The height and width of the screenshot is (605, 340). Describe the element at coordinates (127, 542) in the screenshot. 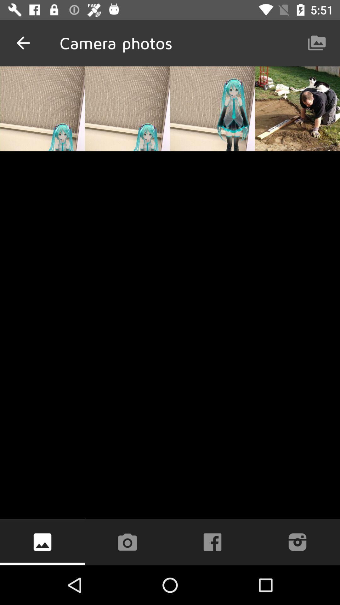

I see `open camera` at that location.